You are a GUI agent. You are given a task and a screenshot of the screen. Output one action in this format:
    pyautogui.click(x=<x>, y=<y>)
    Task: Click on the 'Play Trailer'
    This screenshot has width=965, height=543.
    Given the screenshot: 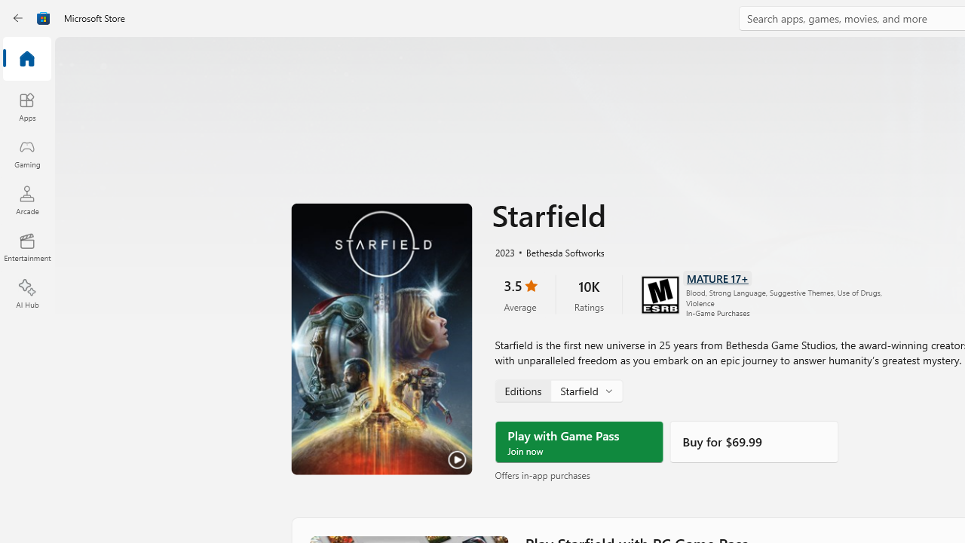 What is the action you would take?
    pyautogui.click(x=381, y=338)
    